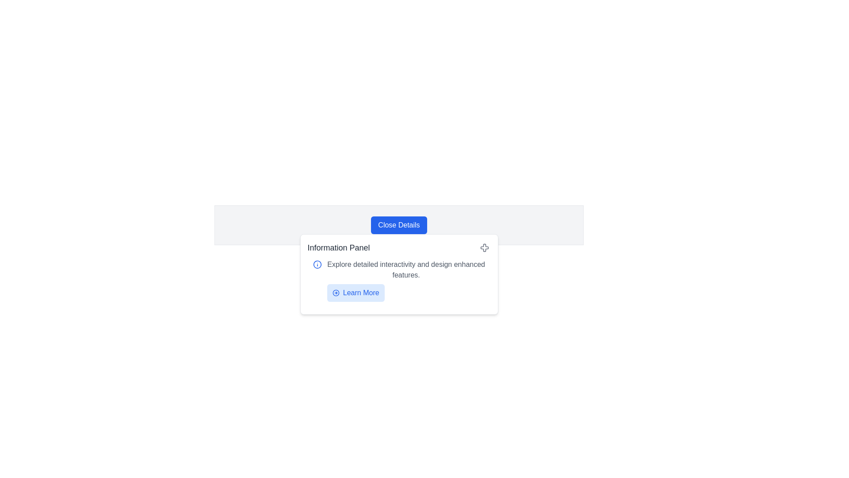 This screenshot has height=478, width=849. Describe the element at coordinates (398, 225) in the screenshot. I see `the blue button labeled 'Close Details' to observe any styling changes` at that location.